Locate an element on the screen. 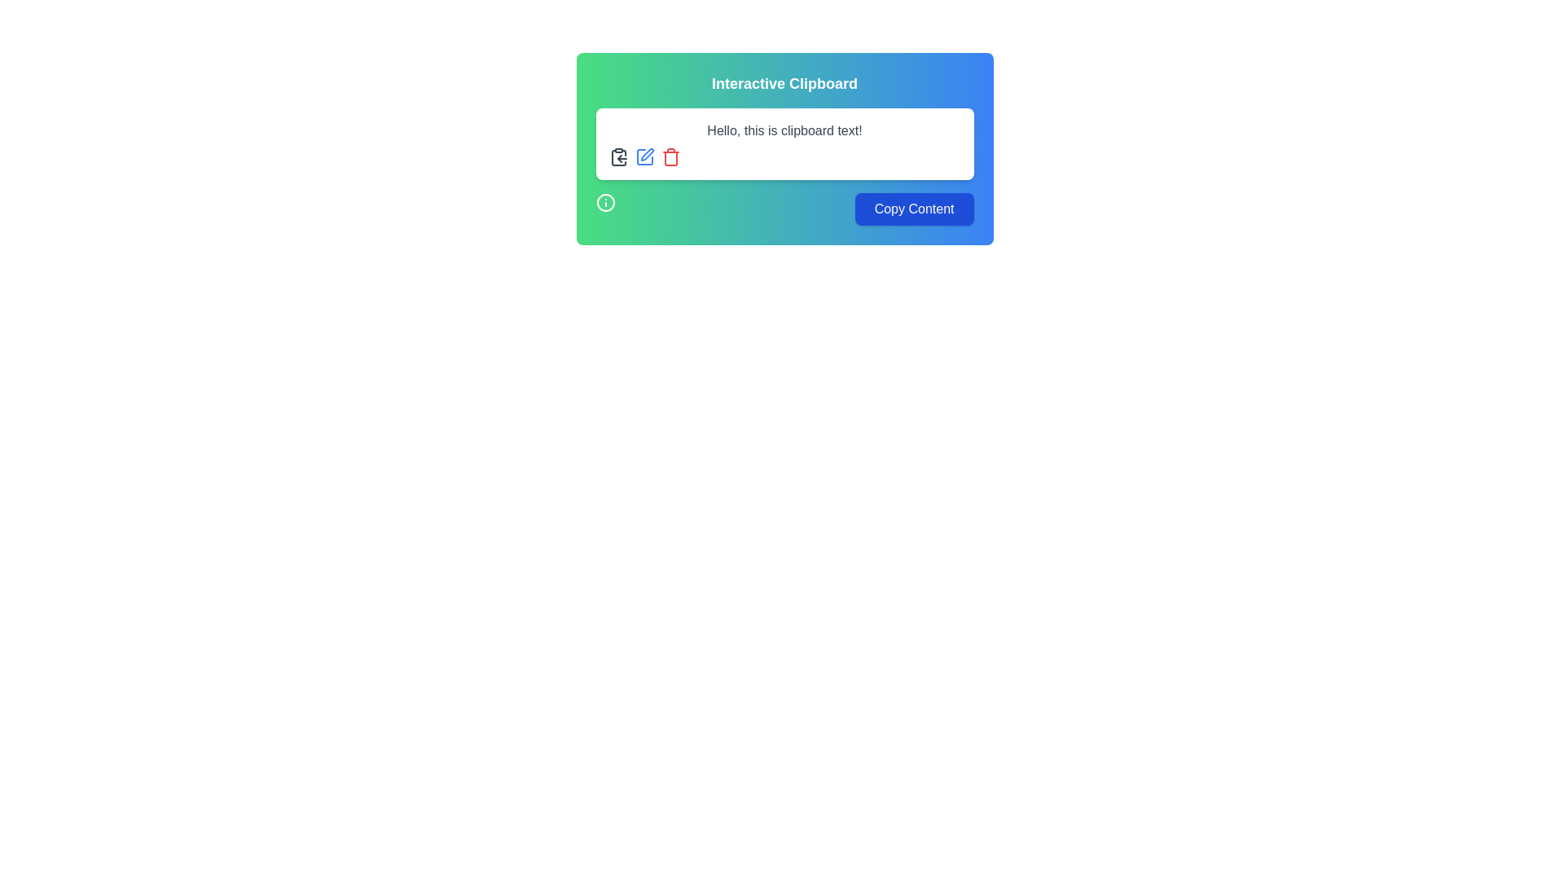 This screenshot has width=1564, height=880. the red outlined trash bin icon is located at coordinates (670, 156).